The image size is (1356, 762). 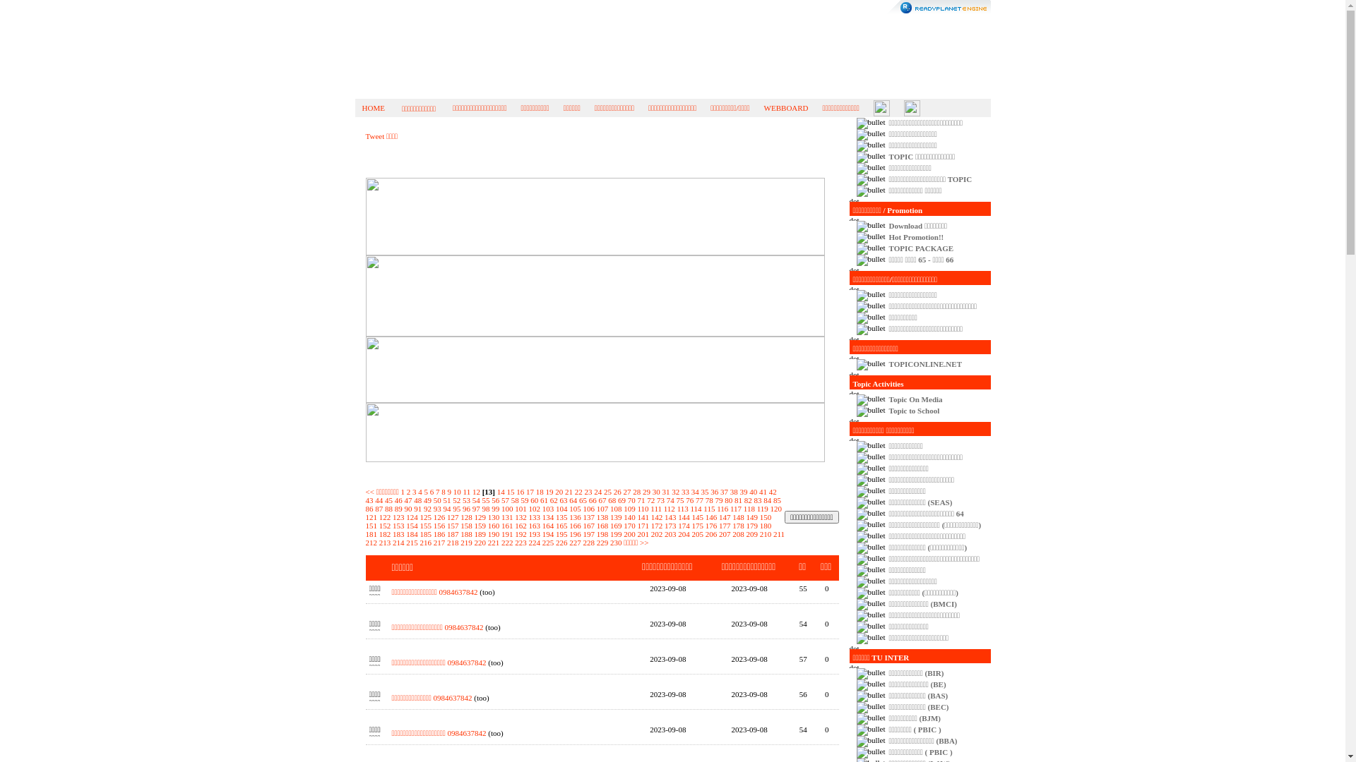 I want to click on '153', so click(x=398, y=525).